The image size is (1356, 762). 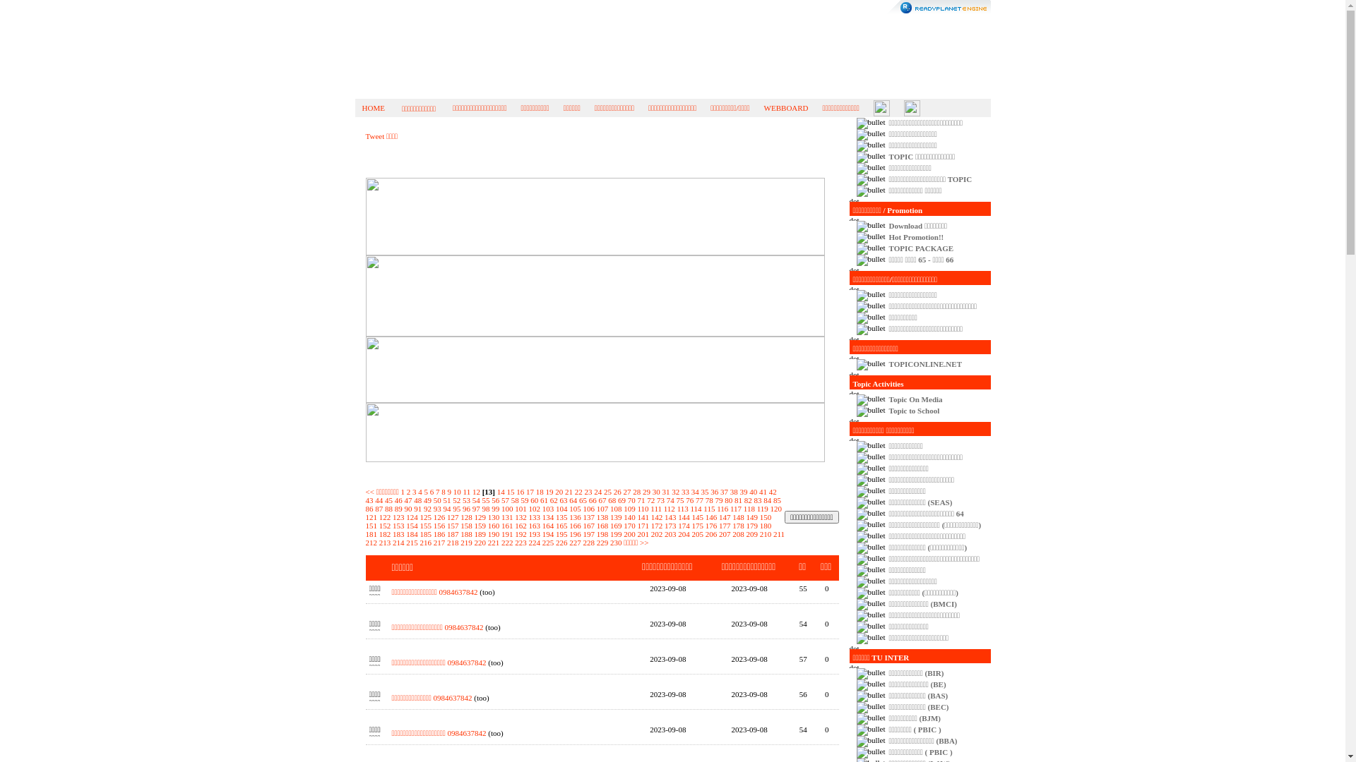 I want to click on '153', so click(x=398, y=525).